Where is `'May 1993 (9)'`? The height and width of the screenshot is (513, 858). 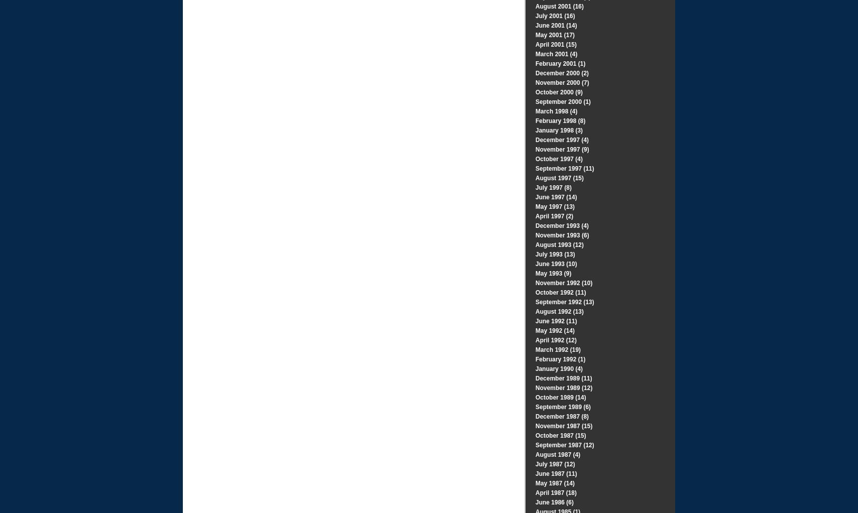
'May 1993 (9)' is located at coordinates (553, 273).